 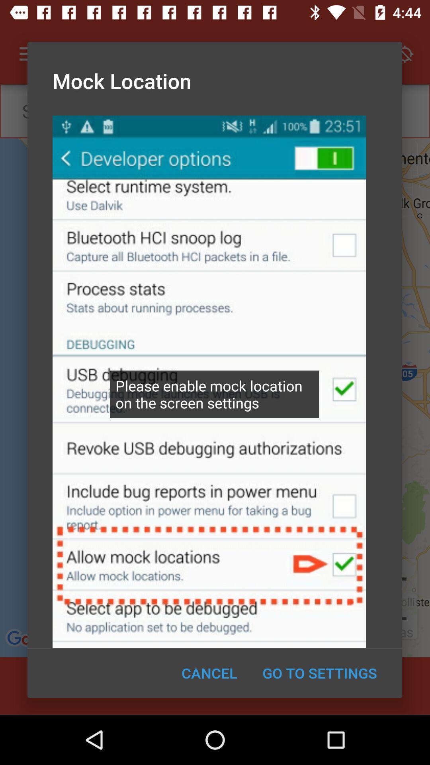 What do you see at coordinates (209, 673) in the screenshot?
I see `item at the bottom` at bounding box center [209, 673].